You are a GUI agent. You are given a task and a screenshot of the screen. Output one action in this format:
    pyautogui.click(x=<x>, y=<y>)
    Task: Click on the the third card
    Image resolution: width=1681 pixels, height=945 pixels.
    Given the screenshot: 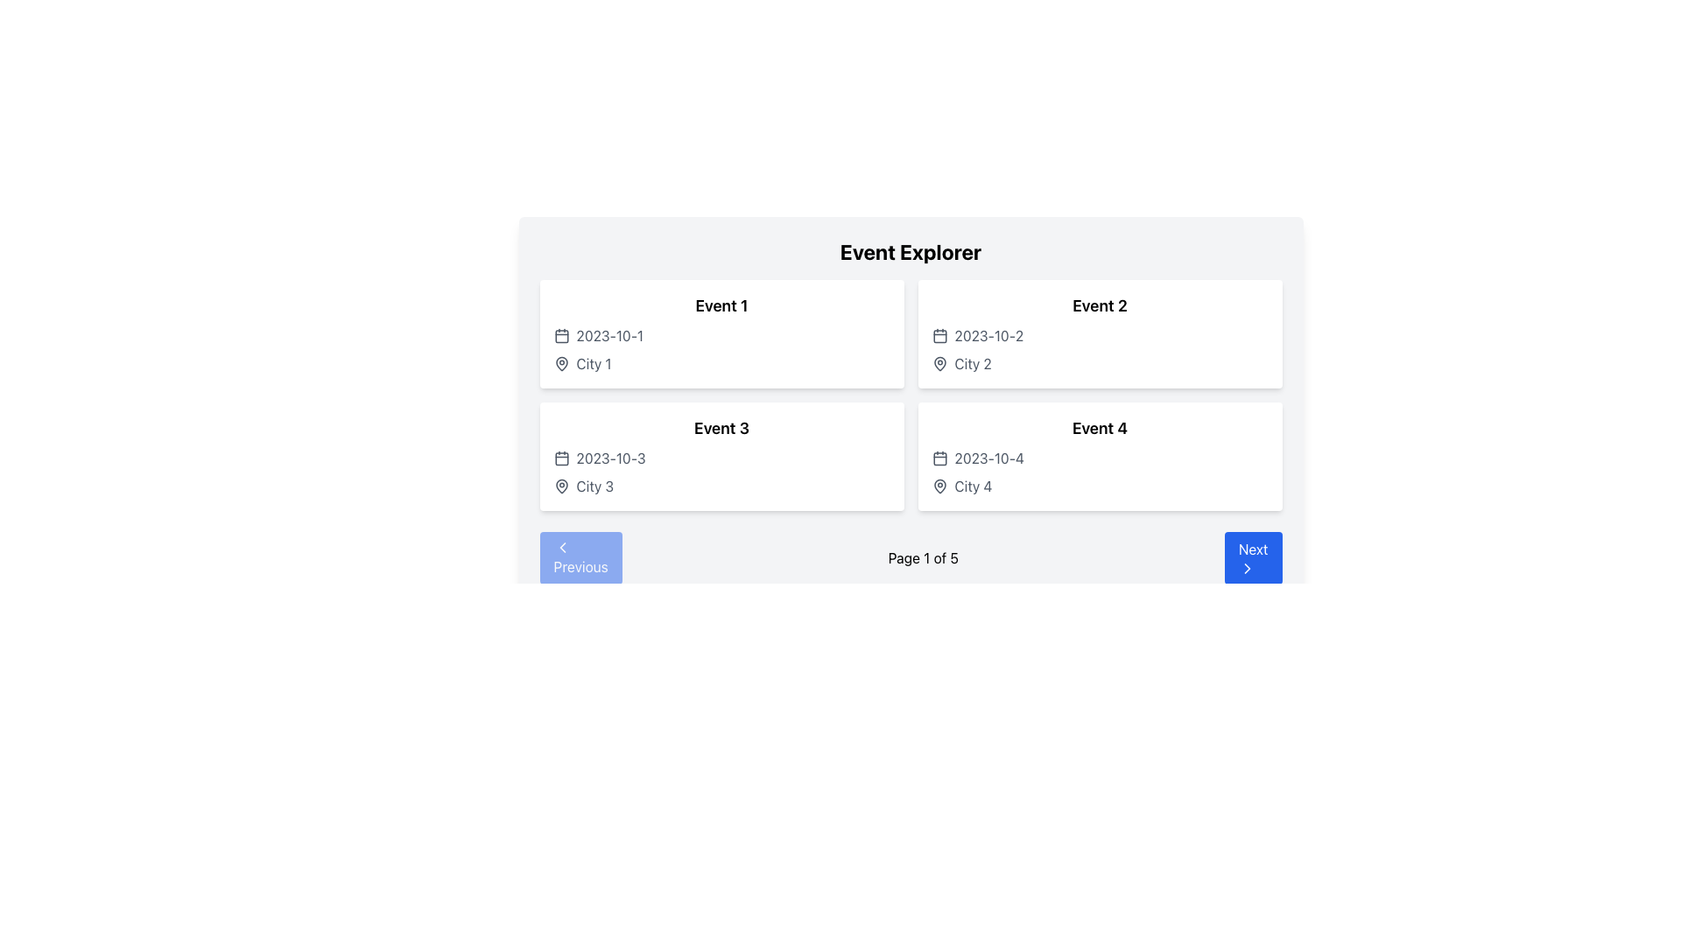 What is the action you would take?
    pyautogui.click(x=721, y=455)
    